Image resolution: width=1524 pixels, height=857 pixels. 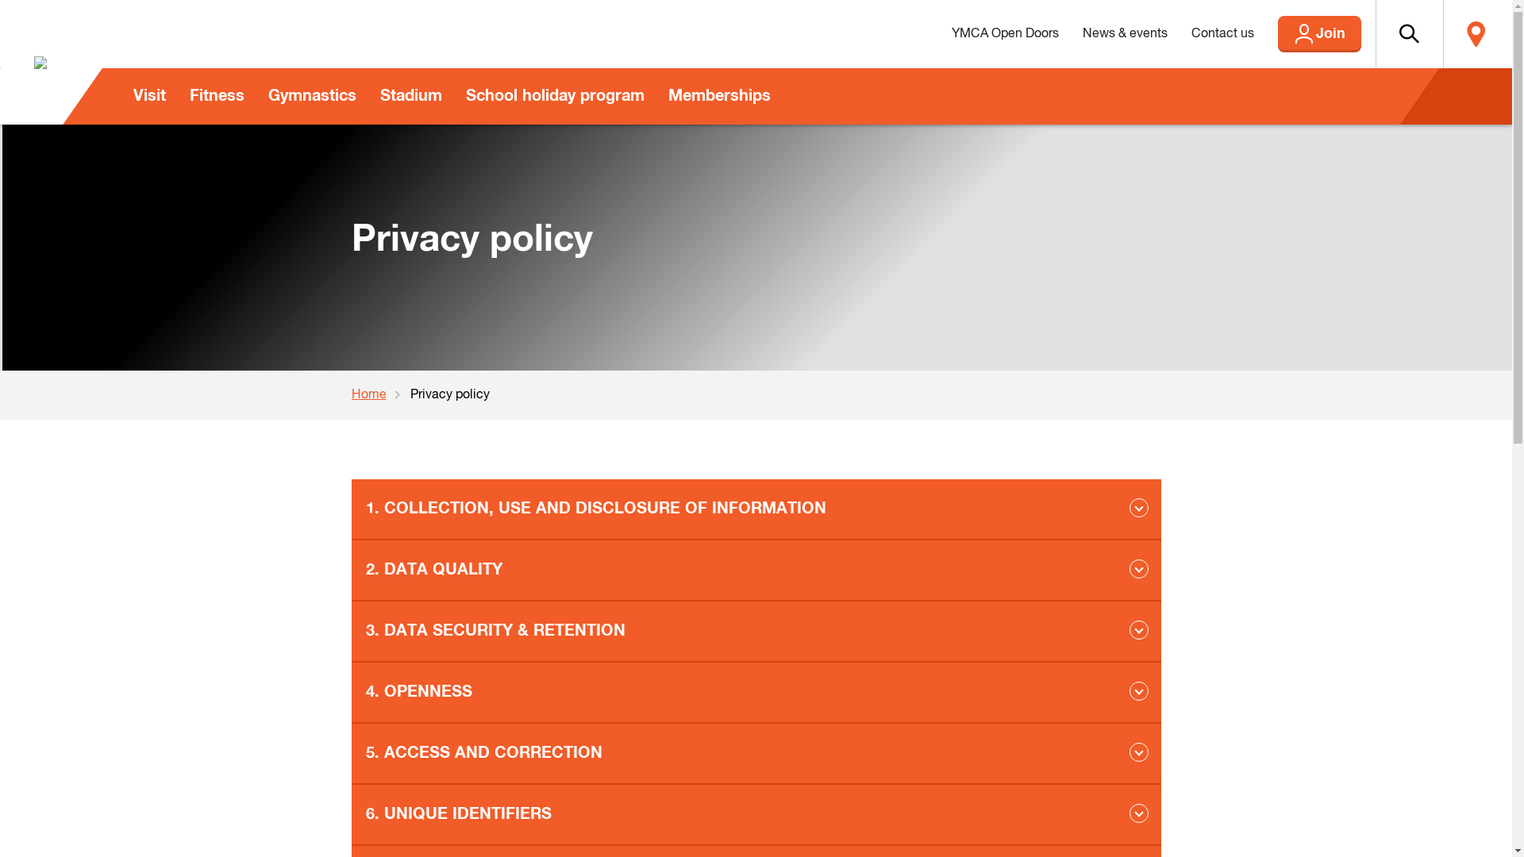 What do you see at coordinates (1123, 33) in the screenshot?
I see `'News & events'` at bounding box center [1123, 33].